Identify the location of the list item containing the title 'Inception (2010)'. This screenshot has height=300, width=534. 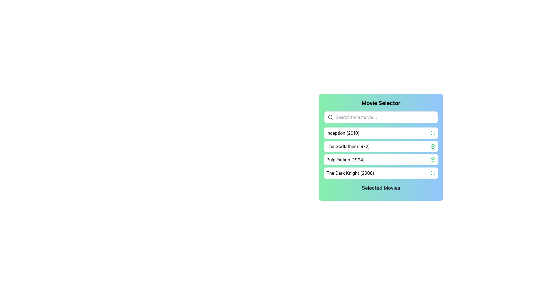
(380, 133).